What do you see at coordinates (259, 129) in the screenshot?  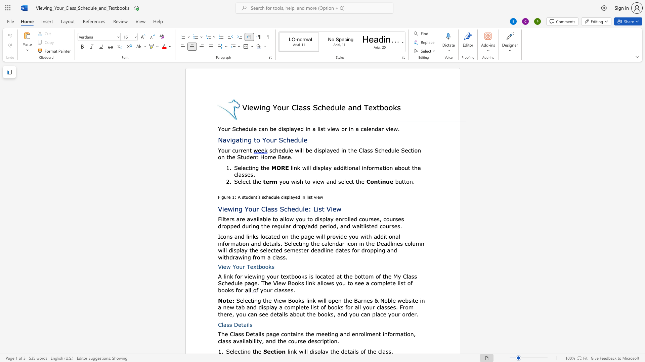 I see `the 2th character "c" in the text` at bounding box center [259, 129].